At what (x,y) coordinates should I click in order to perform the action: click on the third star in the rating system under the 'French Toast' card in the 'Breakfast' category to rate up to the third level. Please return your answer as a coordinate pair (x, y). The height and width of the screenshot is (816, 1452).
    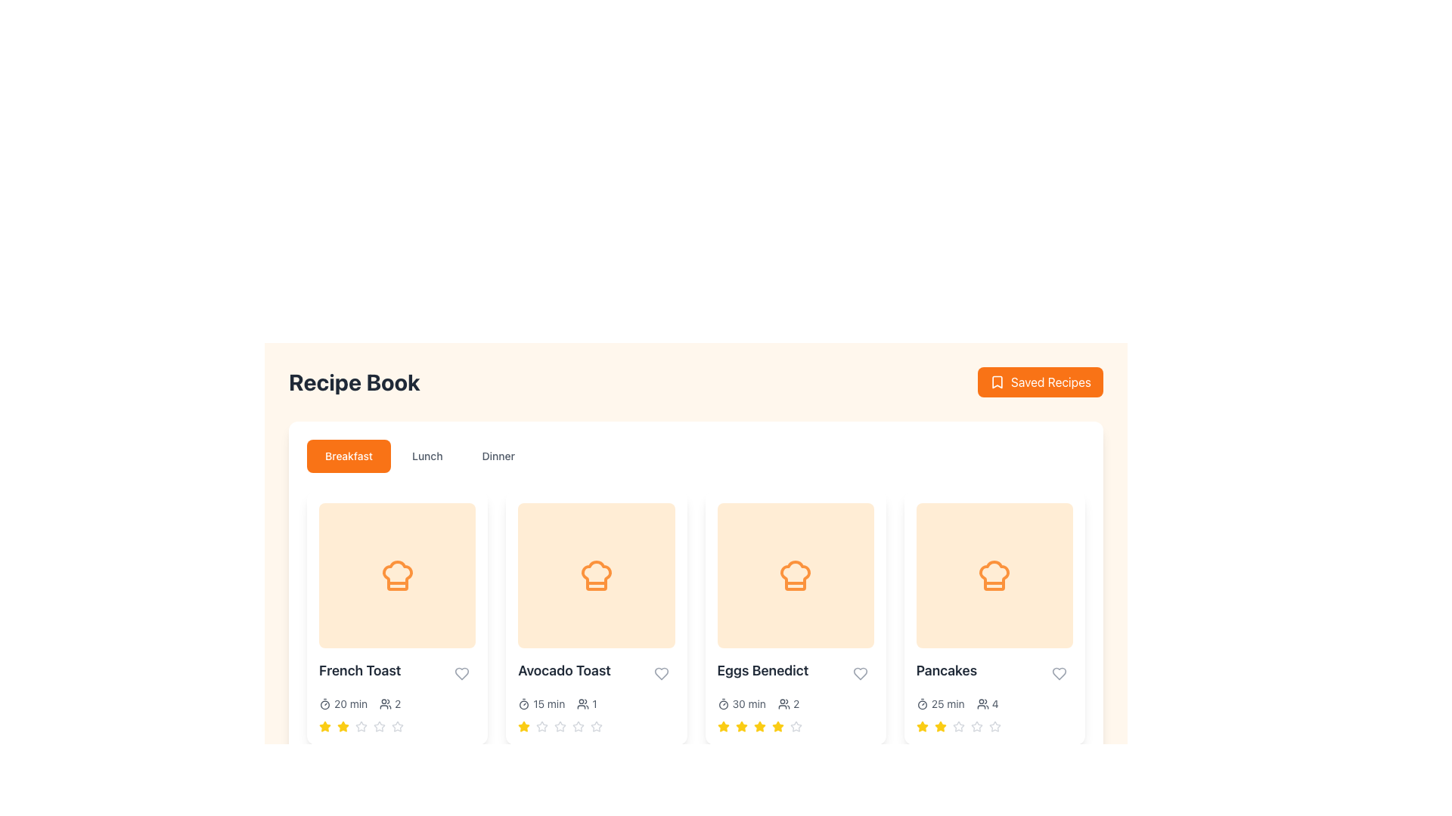
    Looking at the image, I should click on (343, 725).